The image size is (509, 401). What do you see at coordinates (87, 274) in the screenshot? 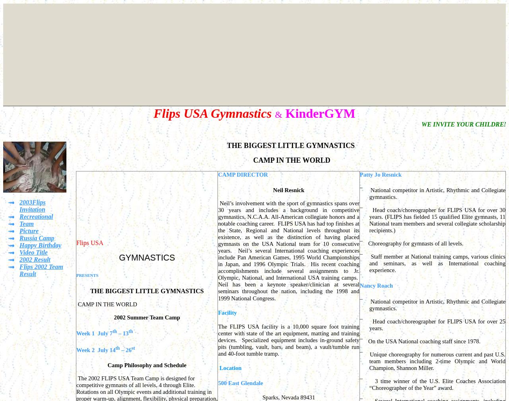
I see `'PRESENTS'` at bounding box center [87, 274].